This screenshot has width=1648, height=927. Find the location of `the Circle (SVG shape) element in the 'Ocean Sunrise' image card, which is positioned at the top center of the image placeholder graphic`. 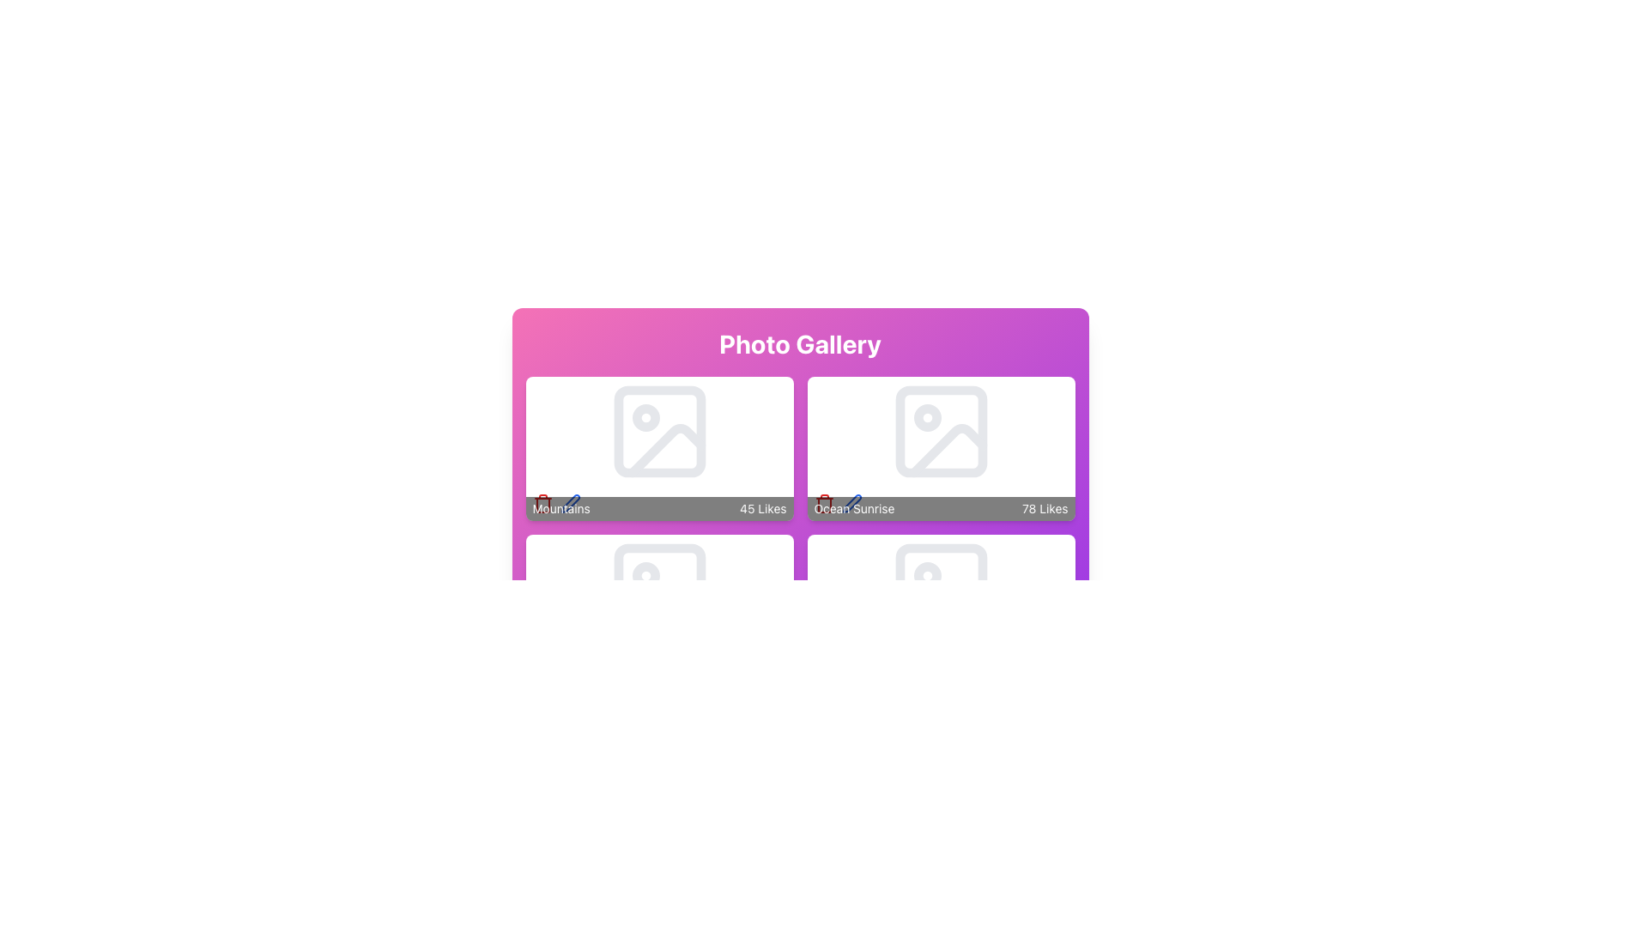

the Circle (SVG shape) element in the 'Ocean Sunrise' image card, which is positioned at the top center of the image placeholder graphic is located at coordinates (926, 417).